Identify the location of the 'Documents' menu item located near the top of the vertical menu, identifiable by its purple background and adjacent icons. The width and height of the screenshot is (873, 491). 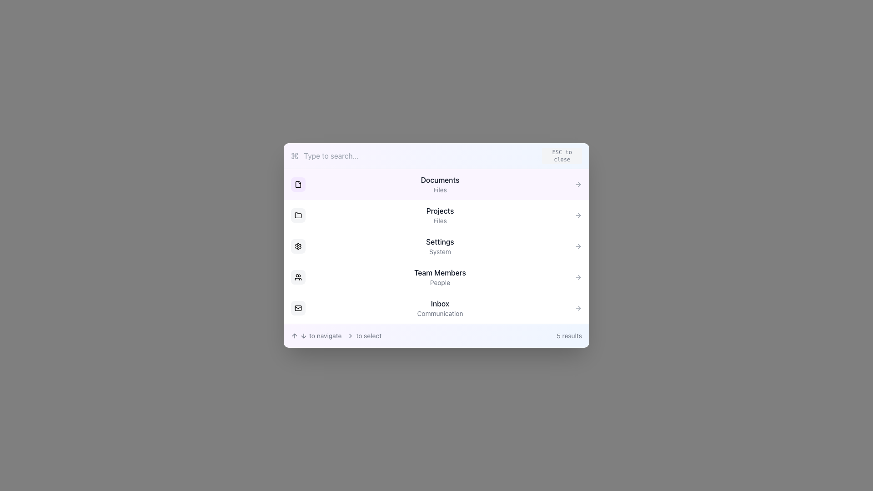
(440, 184).